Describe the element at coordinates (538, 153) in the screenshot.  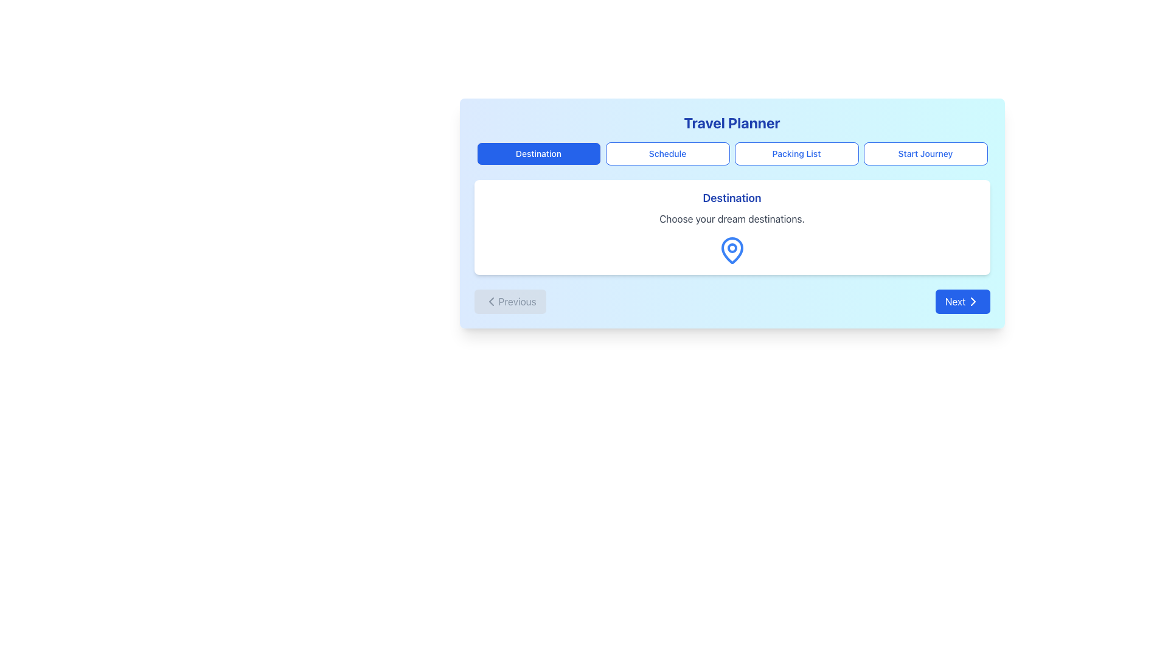
I see `the blue 'Destination' button with white text` at that location.